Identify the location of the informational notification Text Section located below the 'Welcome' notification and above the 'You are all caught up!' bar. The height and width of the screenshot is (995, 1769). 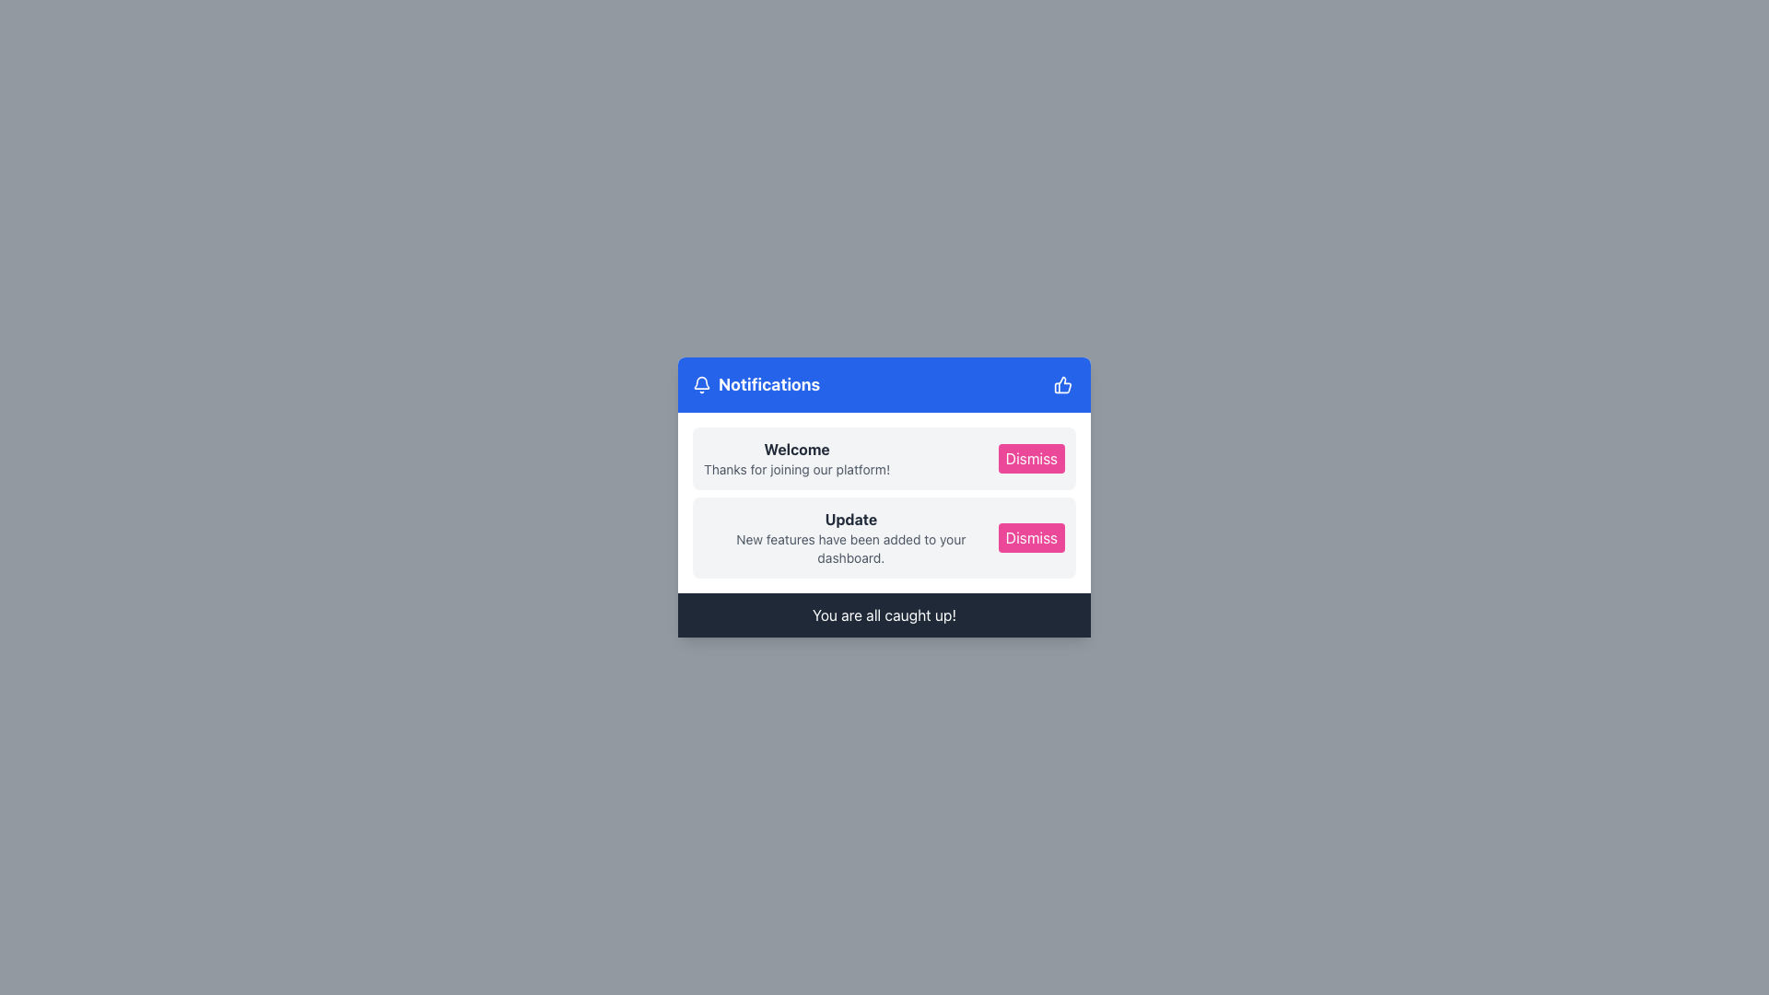
(849, 537).